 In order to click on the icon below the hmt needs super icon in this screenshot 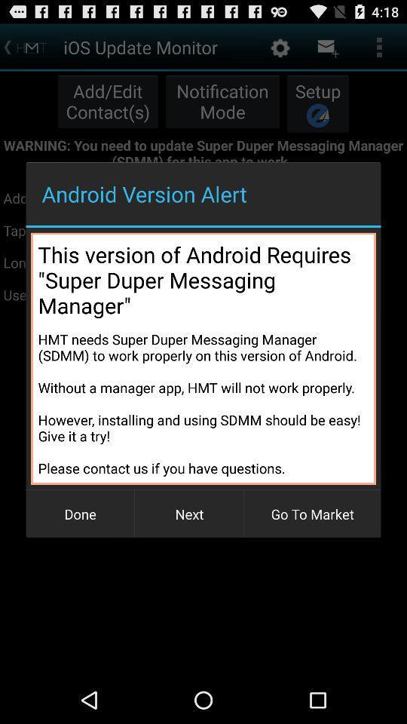, I will do `click(189, 514)`.